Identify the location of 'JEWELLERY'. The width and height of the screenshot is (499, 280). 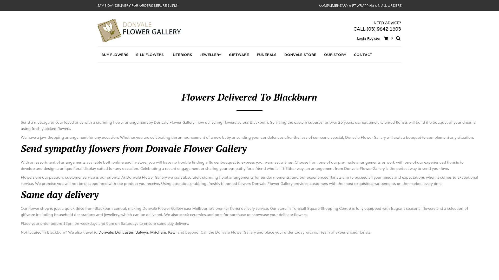
(195, 55).